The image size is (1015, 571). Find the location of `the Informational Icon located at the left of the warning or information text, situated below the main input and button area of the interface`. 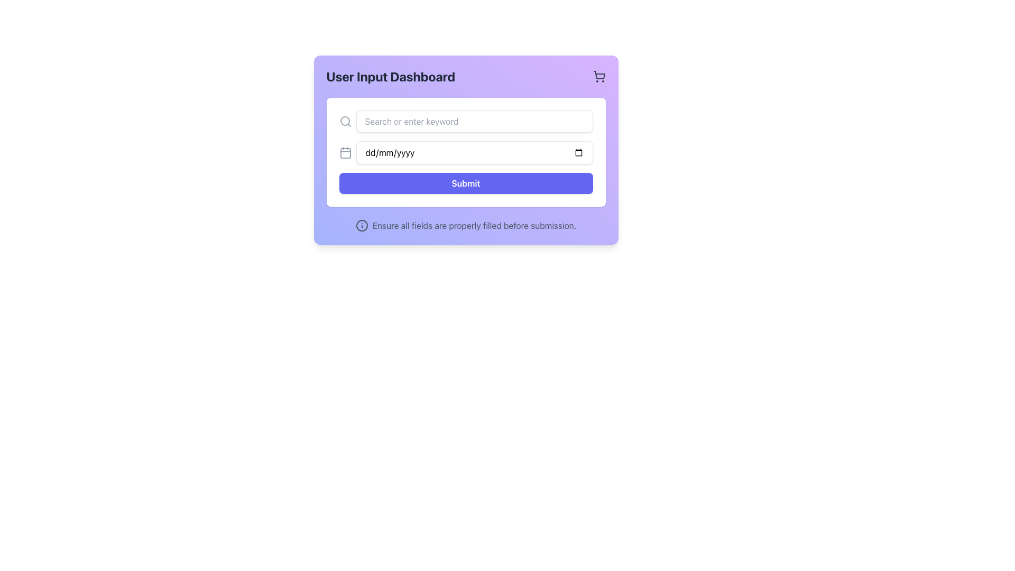

the Informational Icon located at the left of the warning or information text, situated below the main input and button area of the interface is located at coordinates (362, 225).